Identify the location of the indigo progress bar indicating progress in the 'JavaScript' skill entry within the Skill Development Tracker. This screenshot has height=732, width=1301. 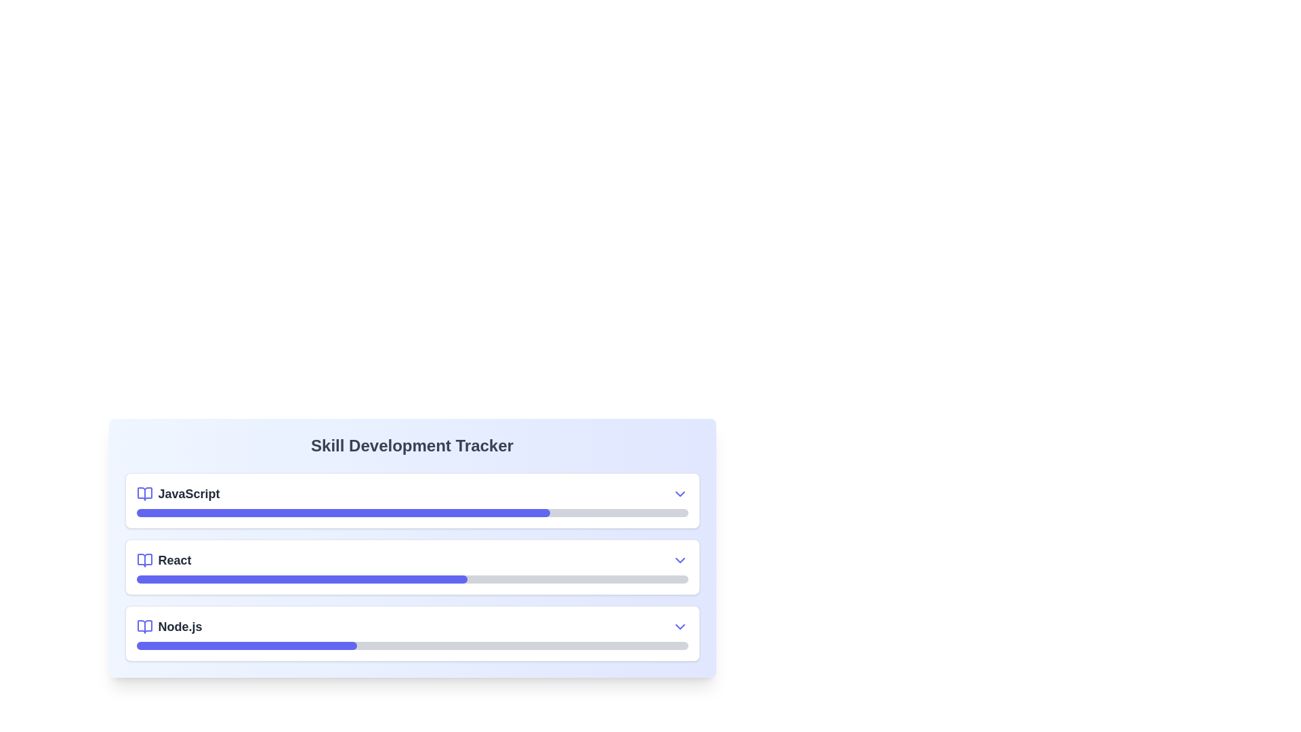
(343, 512).